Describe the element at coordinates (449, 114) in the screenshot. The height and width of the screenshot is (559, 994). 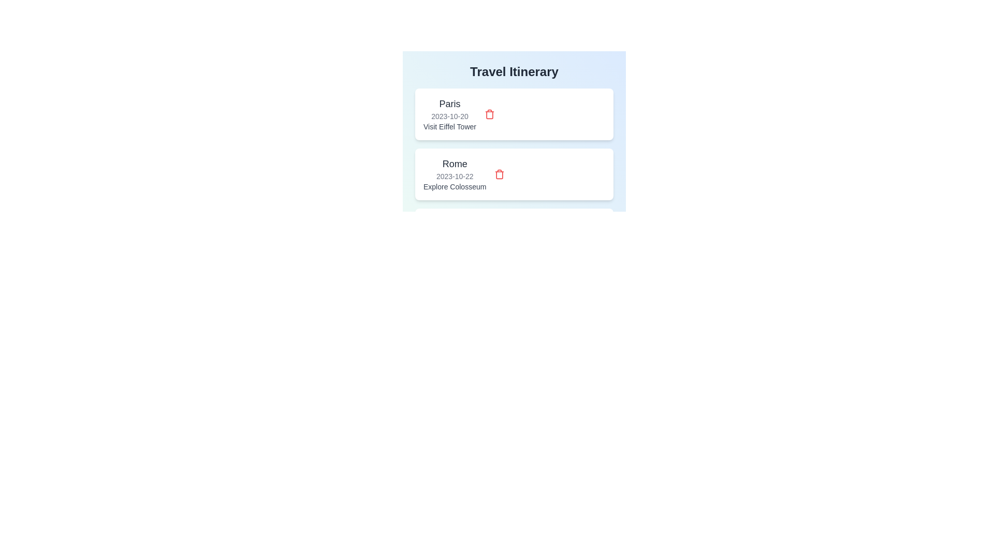
I see `the itinerary item corresponding to Paris` at that location.